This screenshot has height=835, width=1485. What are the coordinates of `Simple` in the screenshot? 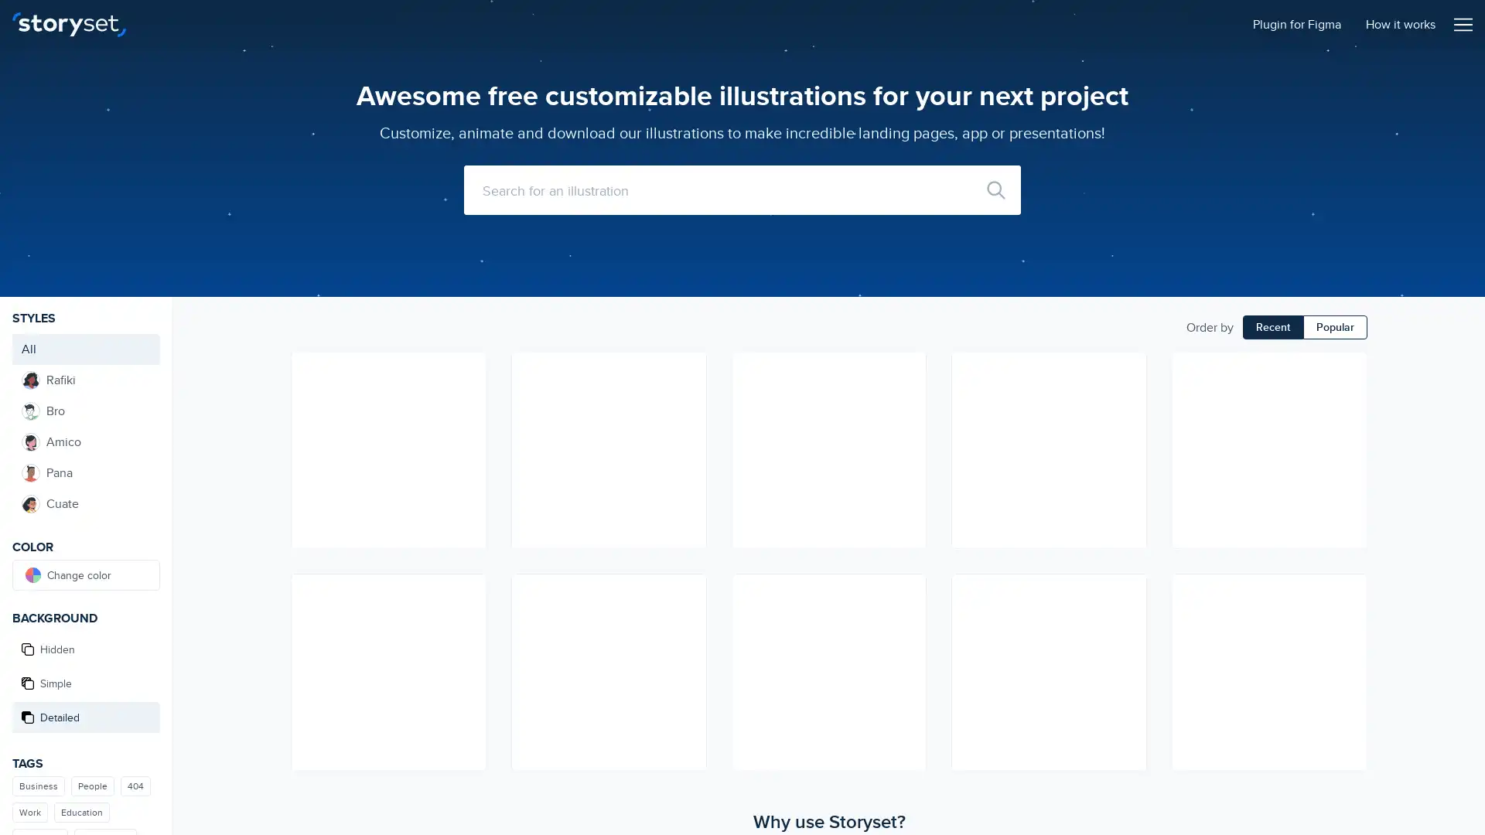 It's located at (85, 682).